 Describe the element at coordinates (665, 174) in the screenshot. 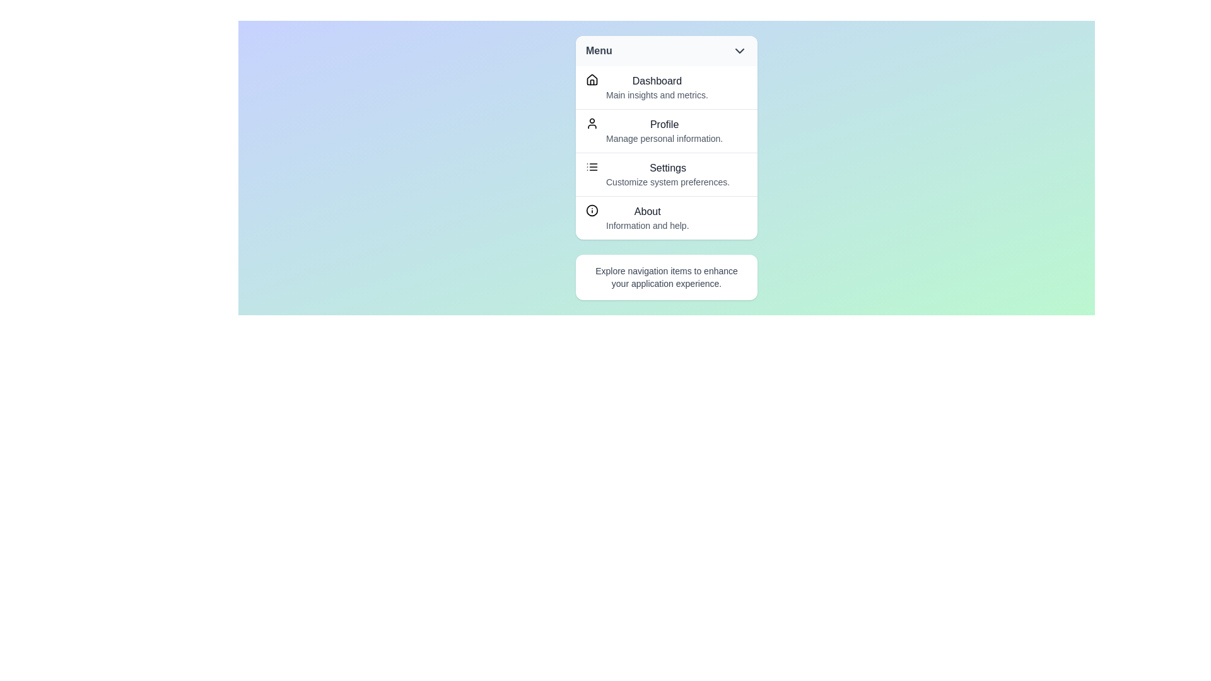

I see `the menu item labeled Settings` at that location.